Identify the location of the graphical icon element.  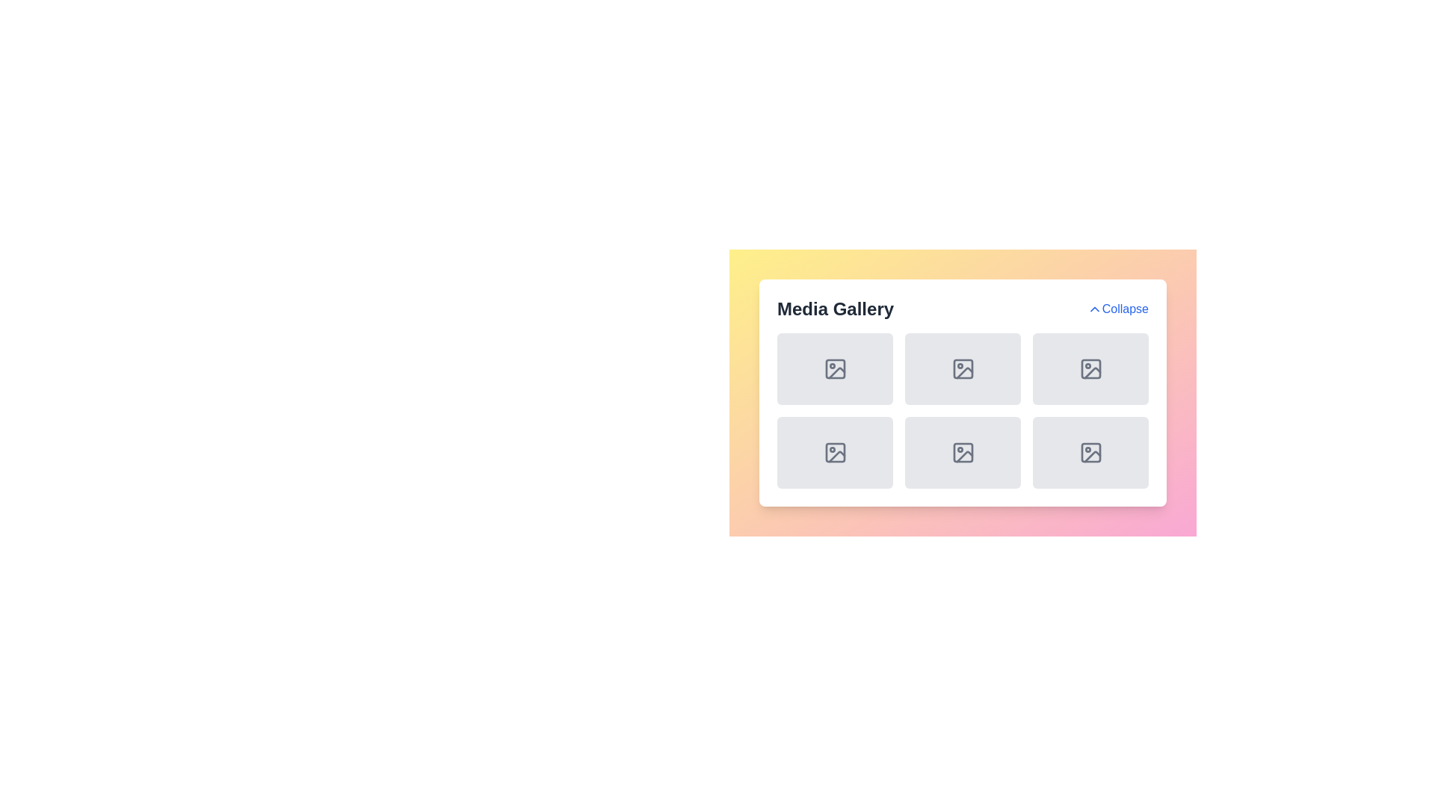
(834, 451).